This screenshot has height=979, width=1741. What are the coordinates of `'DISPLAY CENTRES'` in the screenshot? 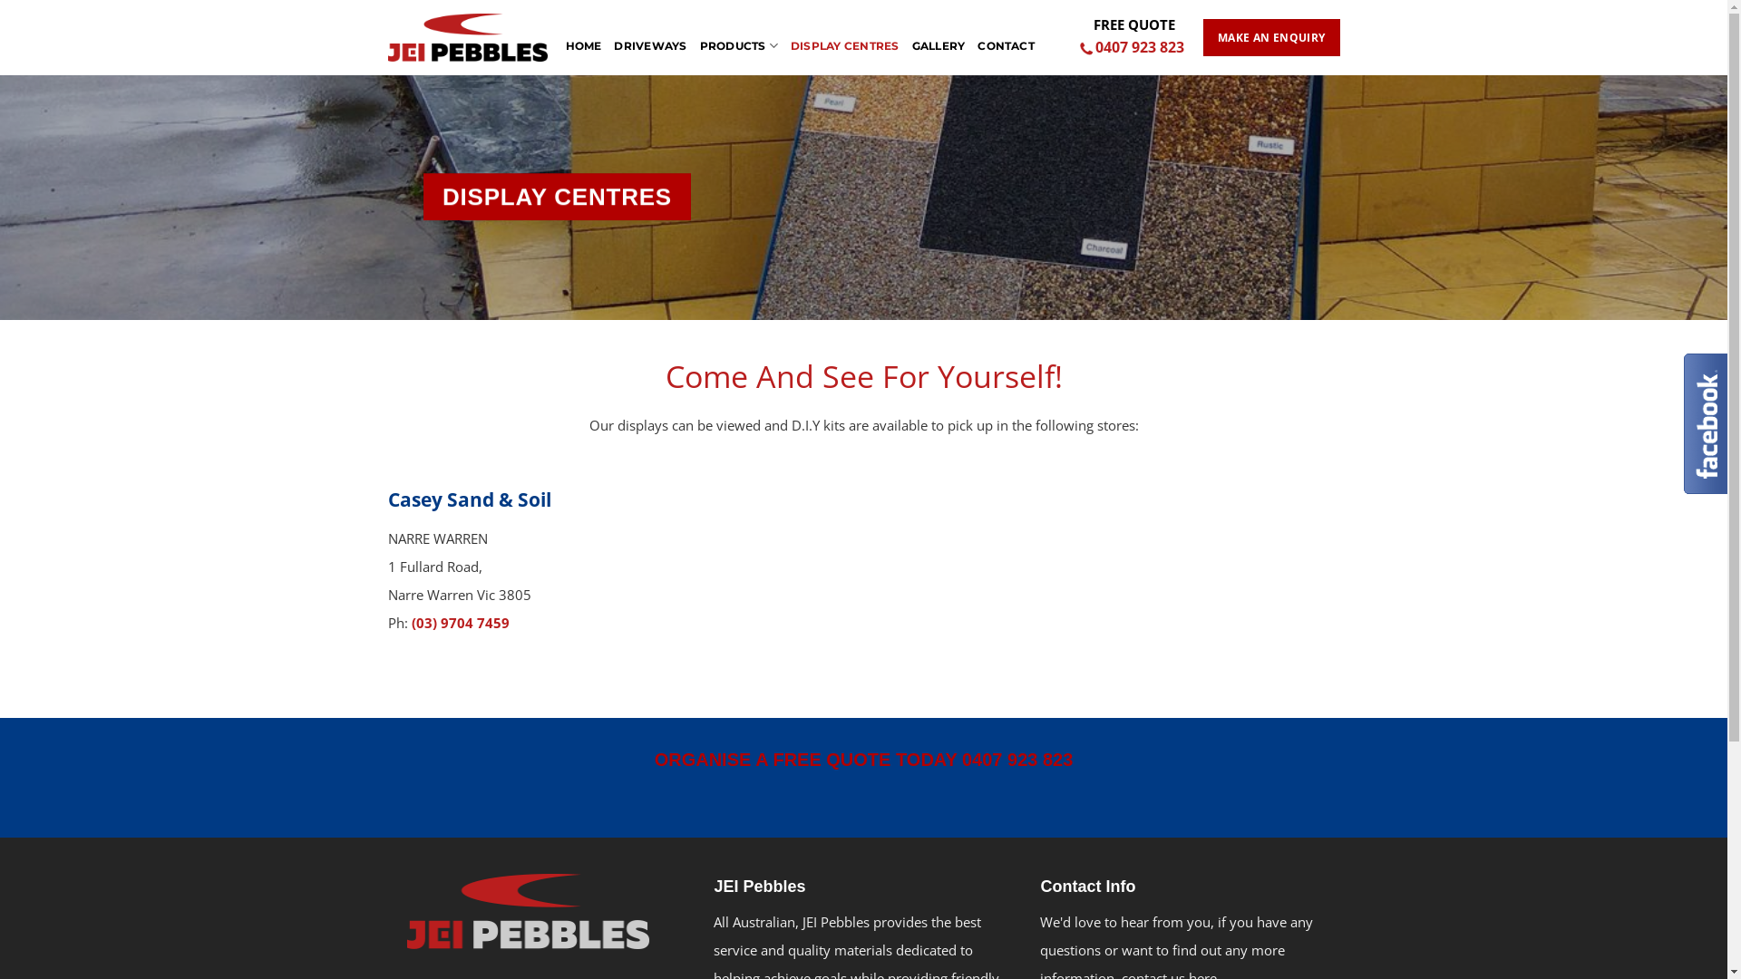 It's located at (843, 36).